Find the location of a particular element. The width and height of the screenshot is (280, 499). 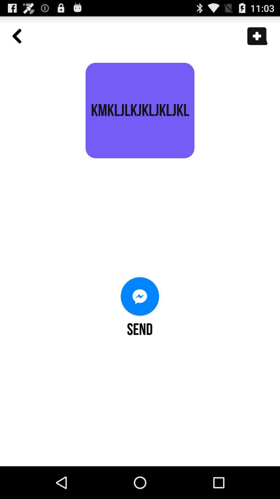

go back is located at coordinates (19, 38).